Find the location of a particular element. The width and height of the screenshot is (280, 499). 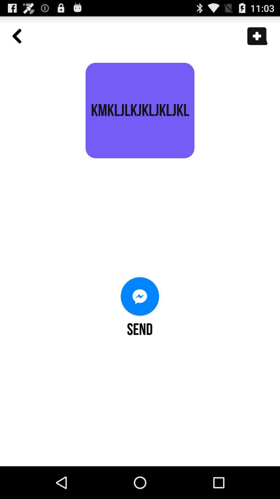

go back is located at coordinates (19, 38).